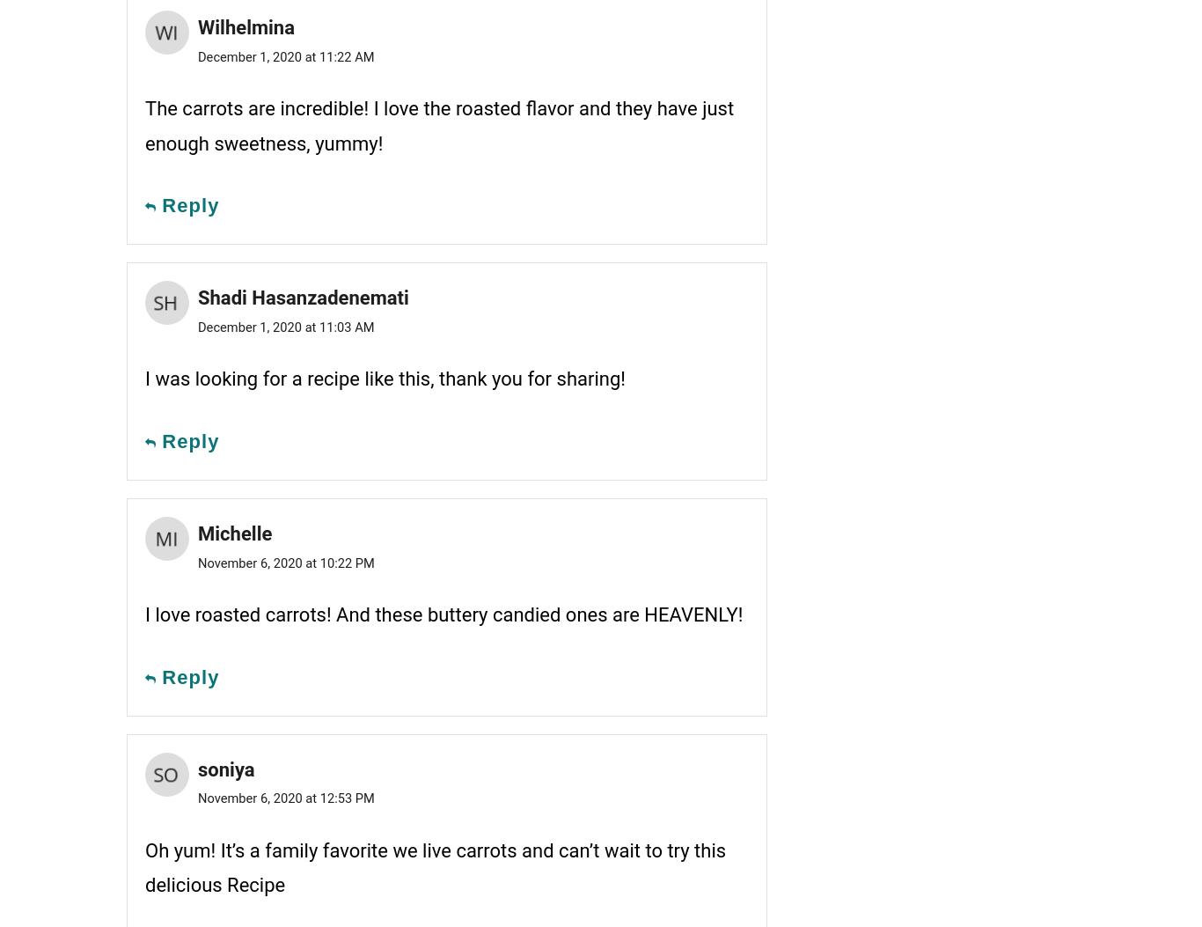 The image size is (1202, 927). Describe the element at coordinates (144, 125) in the screenshot. I see `'The carrots are incredible! I love the roasted flavor and they have just enough sweetness, yummy!'` at that location.